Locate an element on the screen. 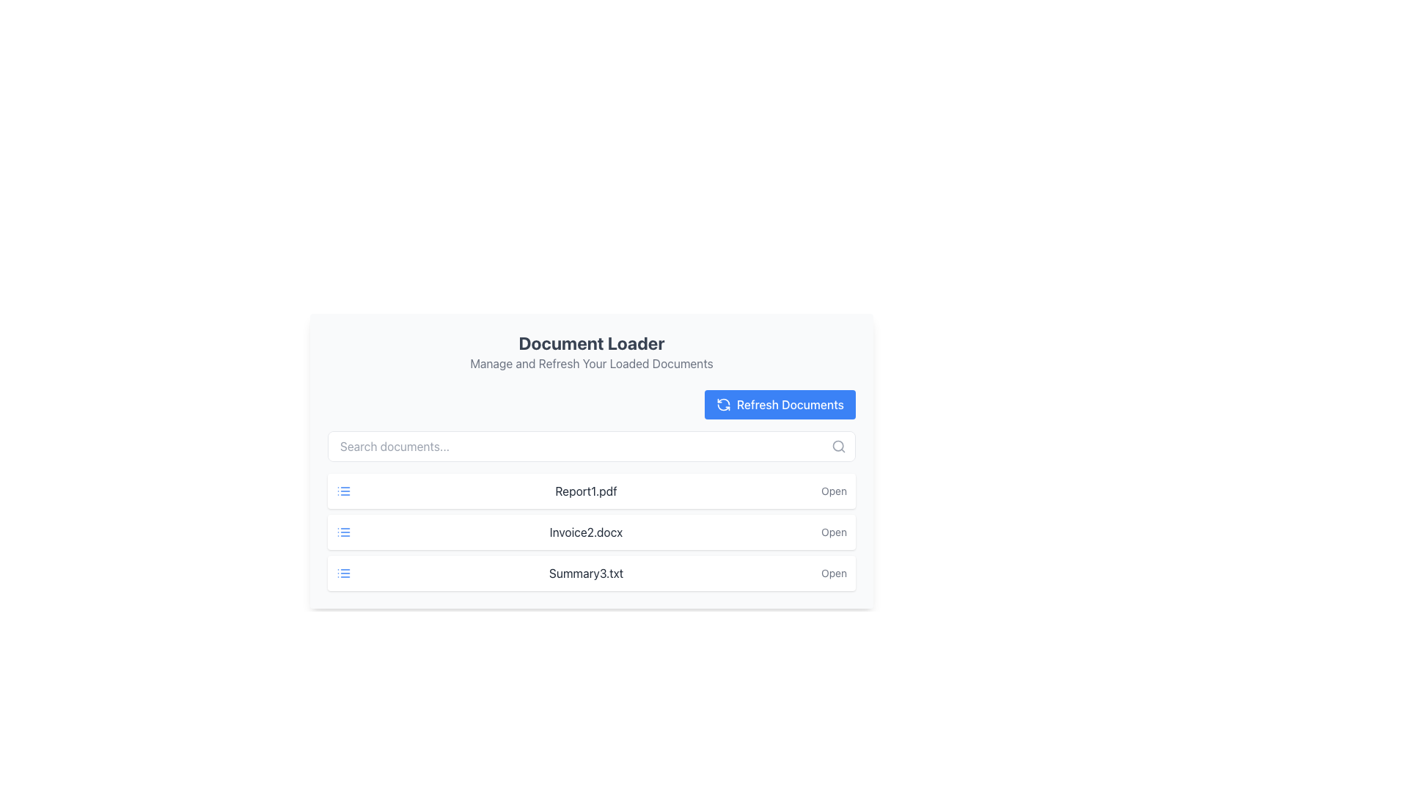 The height and width of the screenshot is (792, 1408). the 'Open' button associated with the 'Report1.pdf' document entry is located at coordinates (834, 491).